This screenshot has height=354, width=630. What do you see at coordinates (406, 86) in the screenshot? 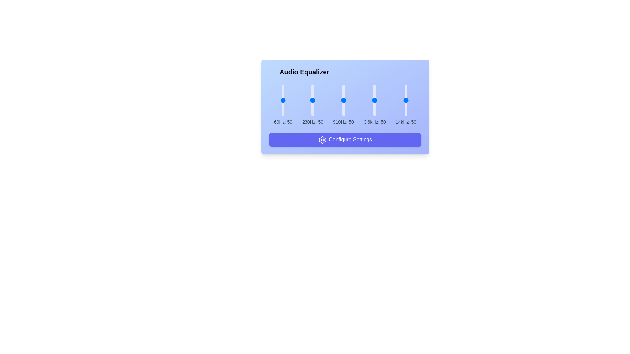
I see `the slider value` at bounding box center [406, 86].